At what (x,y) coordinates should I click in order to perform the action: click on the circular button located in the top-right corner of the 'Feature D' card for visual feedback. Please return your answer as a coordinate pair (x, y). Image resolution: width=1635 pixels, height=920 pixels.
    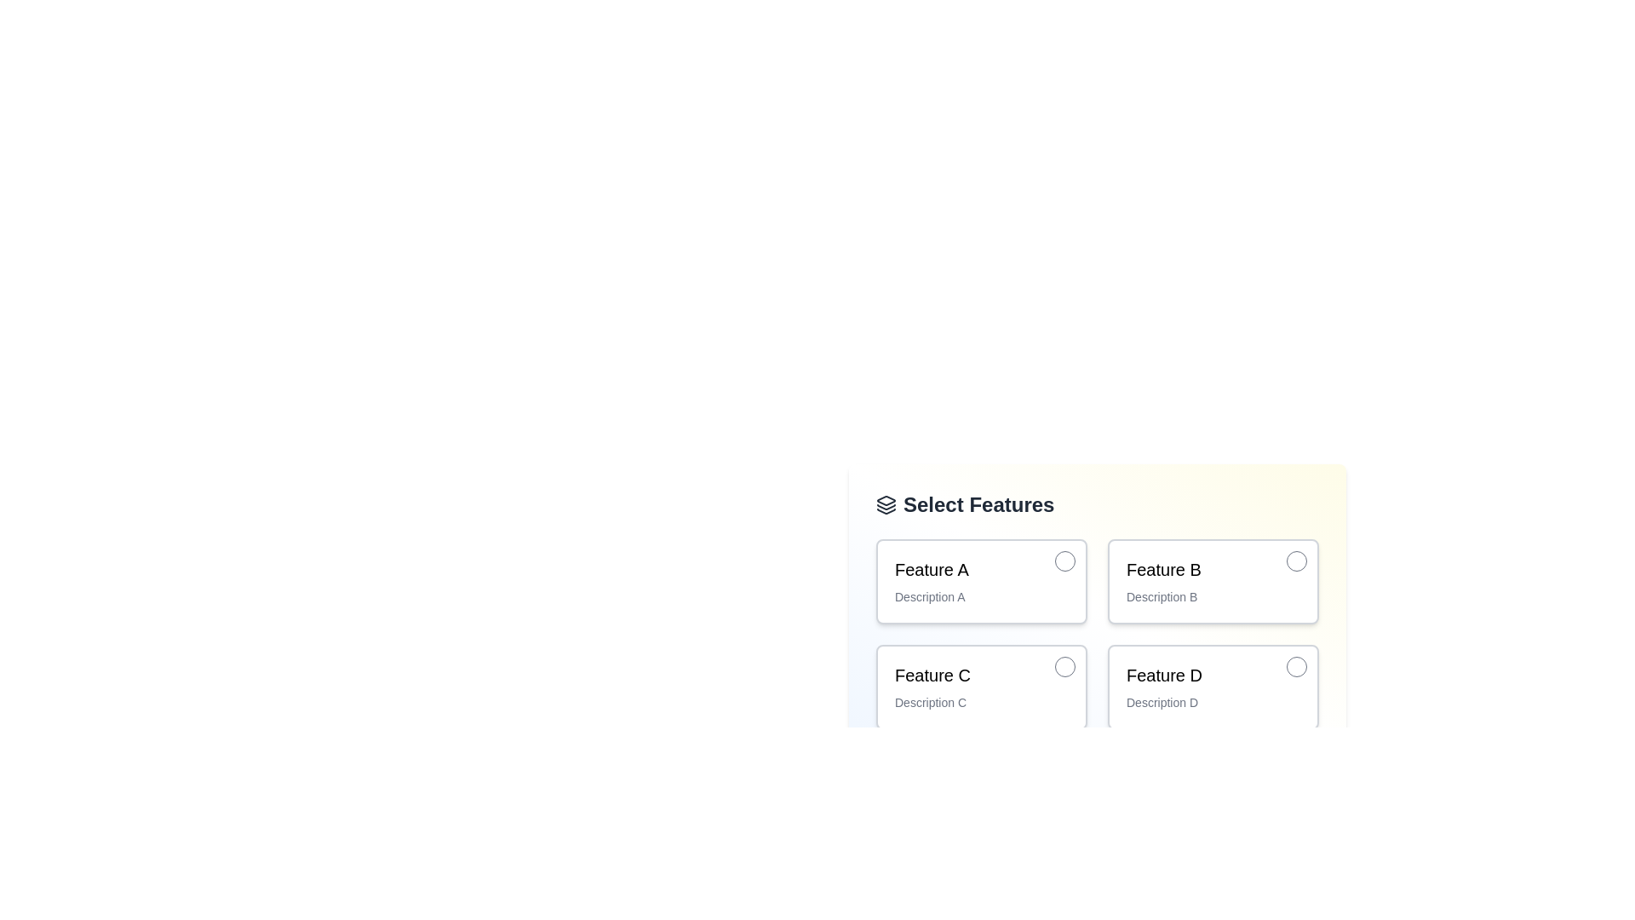
    Looking at the image, I should click on (1295, 666).